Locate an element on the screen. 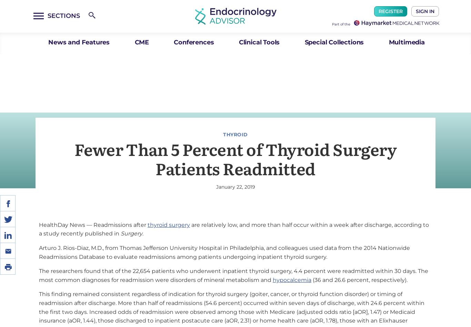  'are relatively low, and more than half occur within a week after discharge, according to a study recently published in' is located at coordinates (233, 229).